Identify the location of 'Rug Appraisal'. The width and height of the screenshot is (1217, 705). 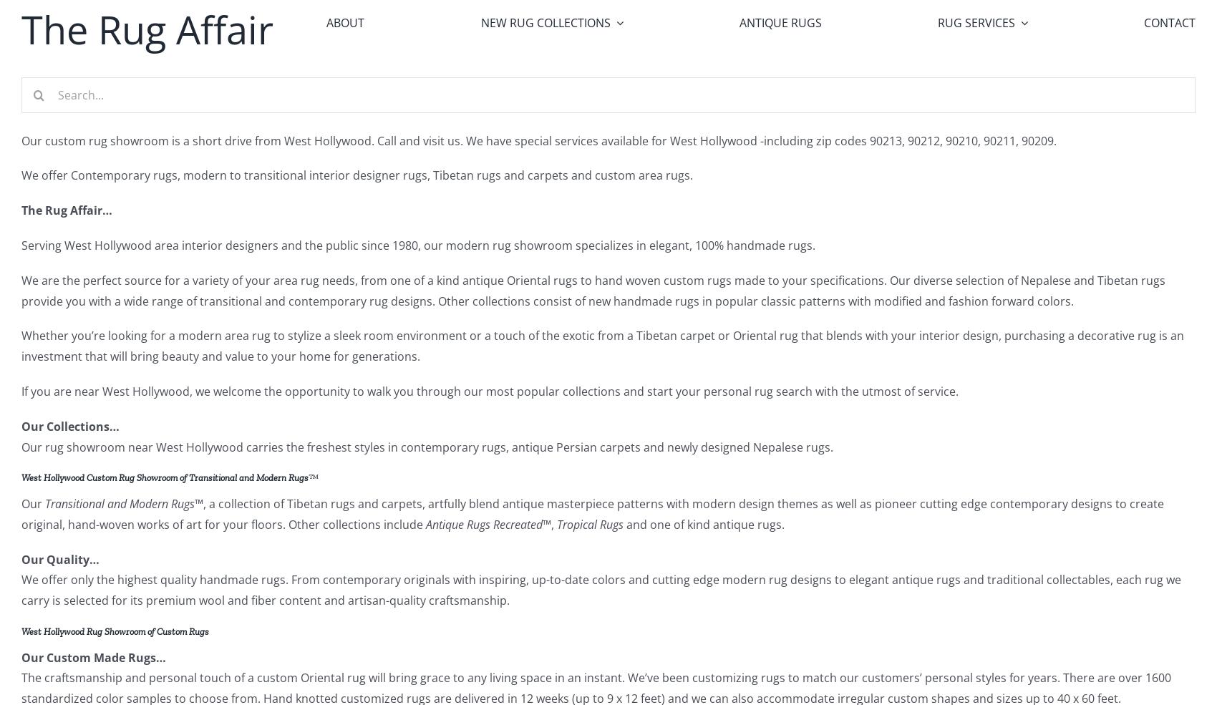
(951, 135).